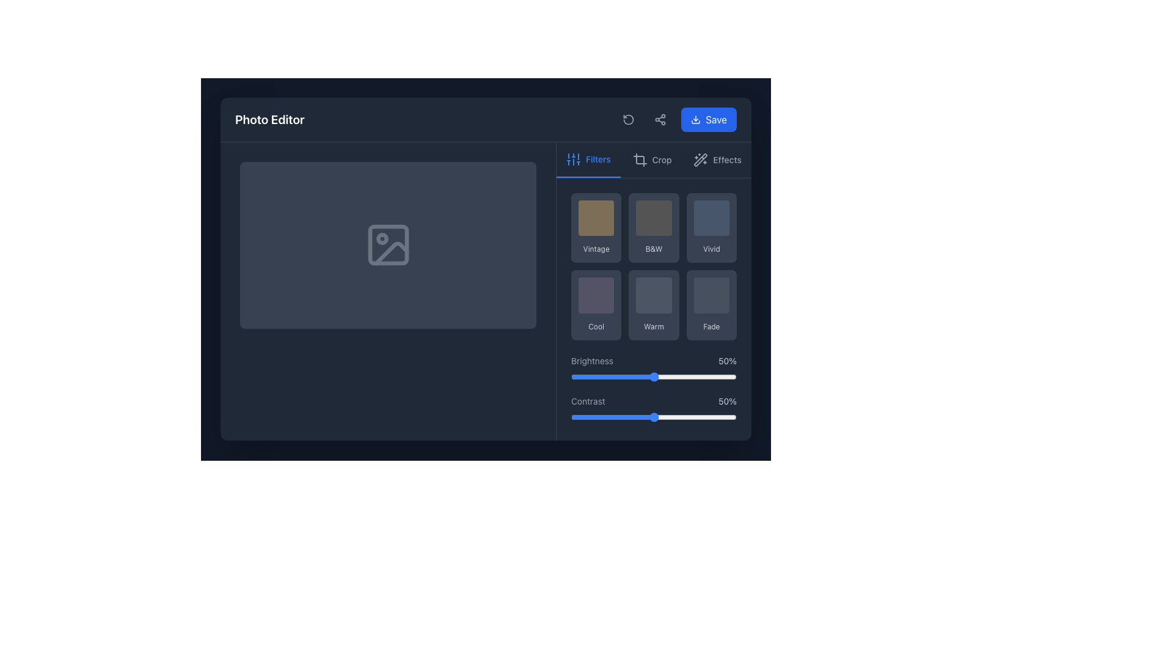 The height and width of the screenshot is (660, 1173). I want to click on the 'Share' button icon, which is part of a group of action buttons in the toolbar section, located slightly to the left center of the top-right corner, and visually distinct due to its network symbol design, so click(659, 120).